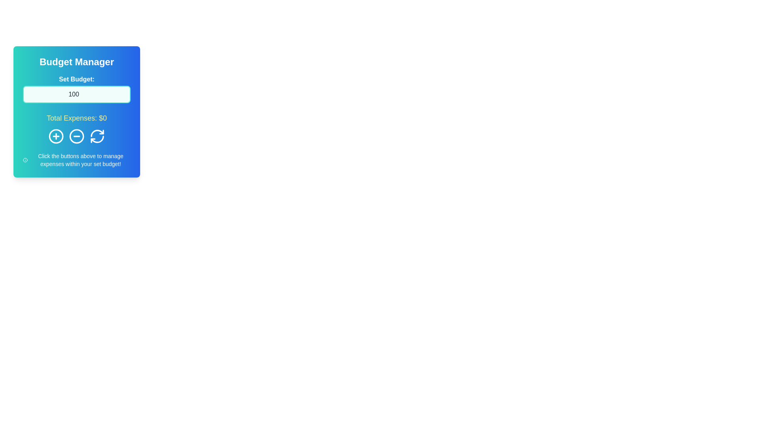  What do you see at coordinates (97, 136) in the screenshot?
I see `the circular refresh icon button featuring two arrows on a blue background` at bounding box center [97, 136].